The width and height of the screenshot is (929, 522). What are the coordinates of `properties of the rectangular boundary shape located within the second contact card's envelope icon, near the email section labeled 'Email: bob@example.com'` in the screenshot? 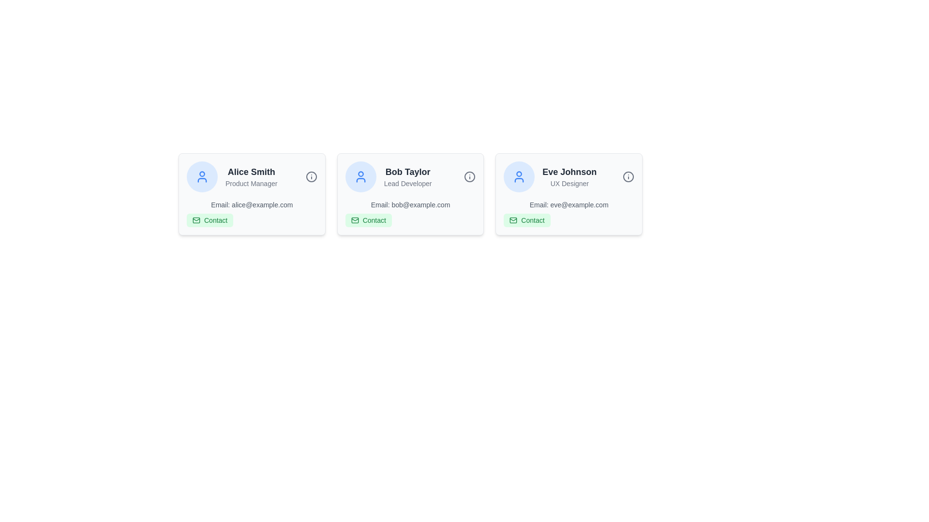 It's located at (354, 220).